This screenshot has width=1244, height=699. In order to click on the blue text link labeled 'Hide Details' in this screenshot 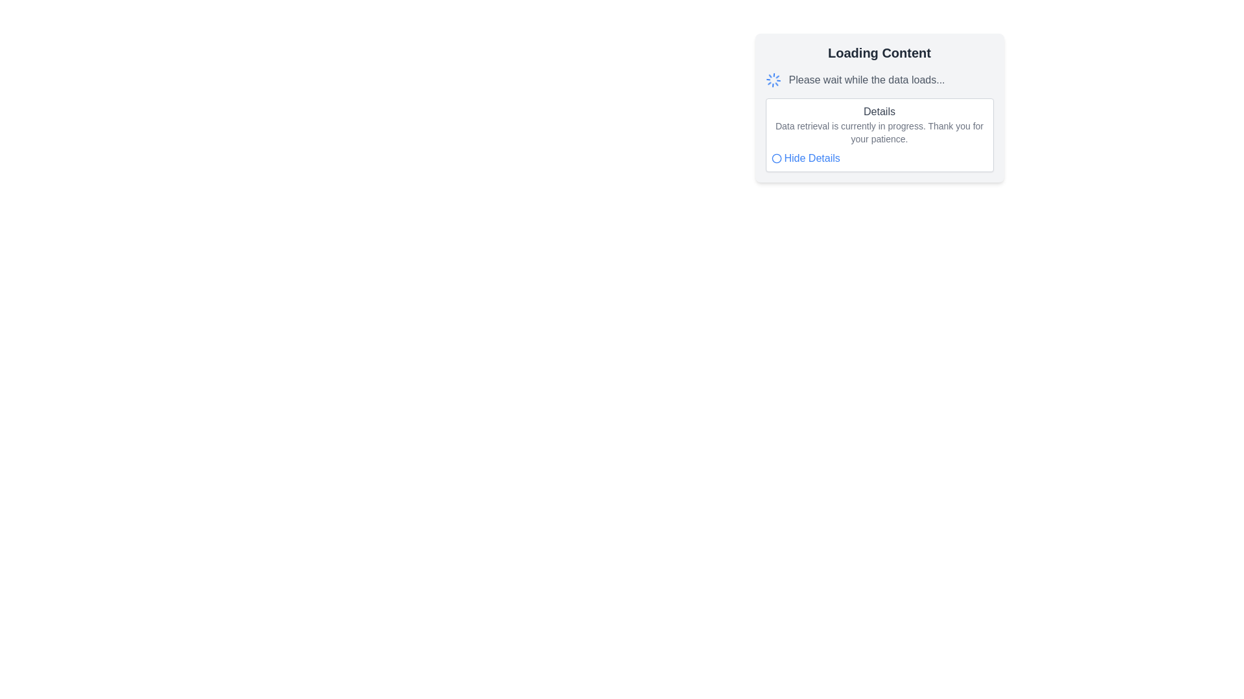, I will do `click(811, 158)`.